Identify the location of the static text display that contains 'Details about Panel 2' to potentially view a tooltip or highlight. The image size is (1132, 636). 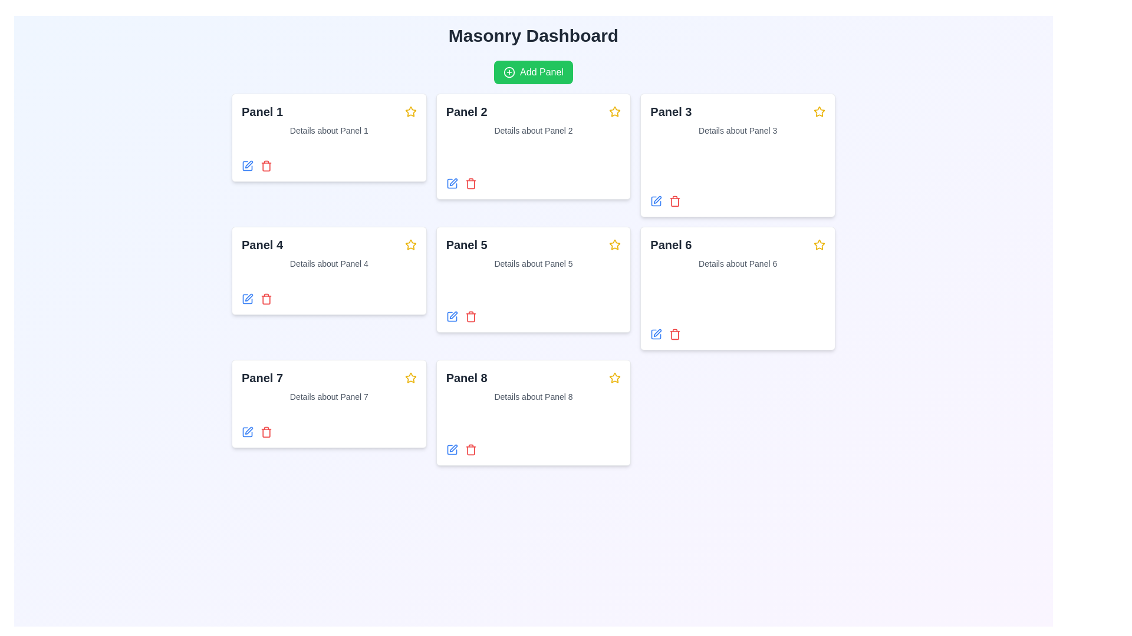
(532, 131).